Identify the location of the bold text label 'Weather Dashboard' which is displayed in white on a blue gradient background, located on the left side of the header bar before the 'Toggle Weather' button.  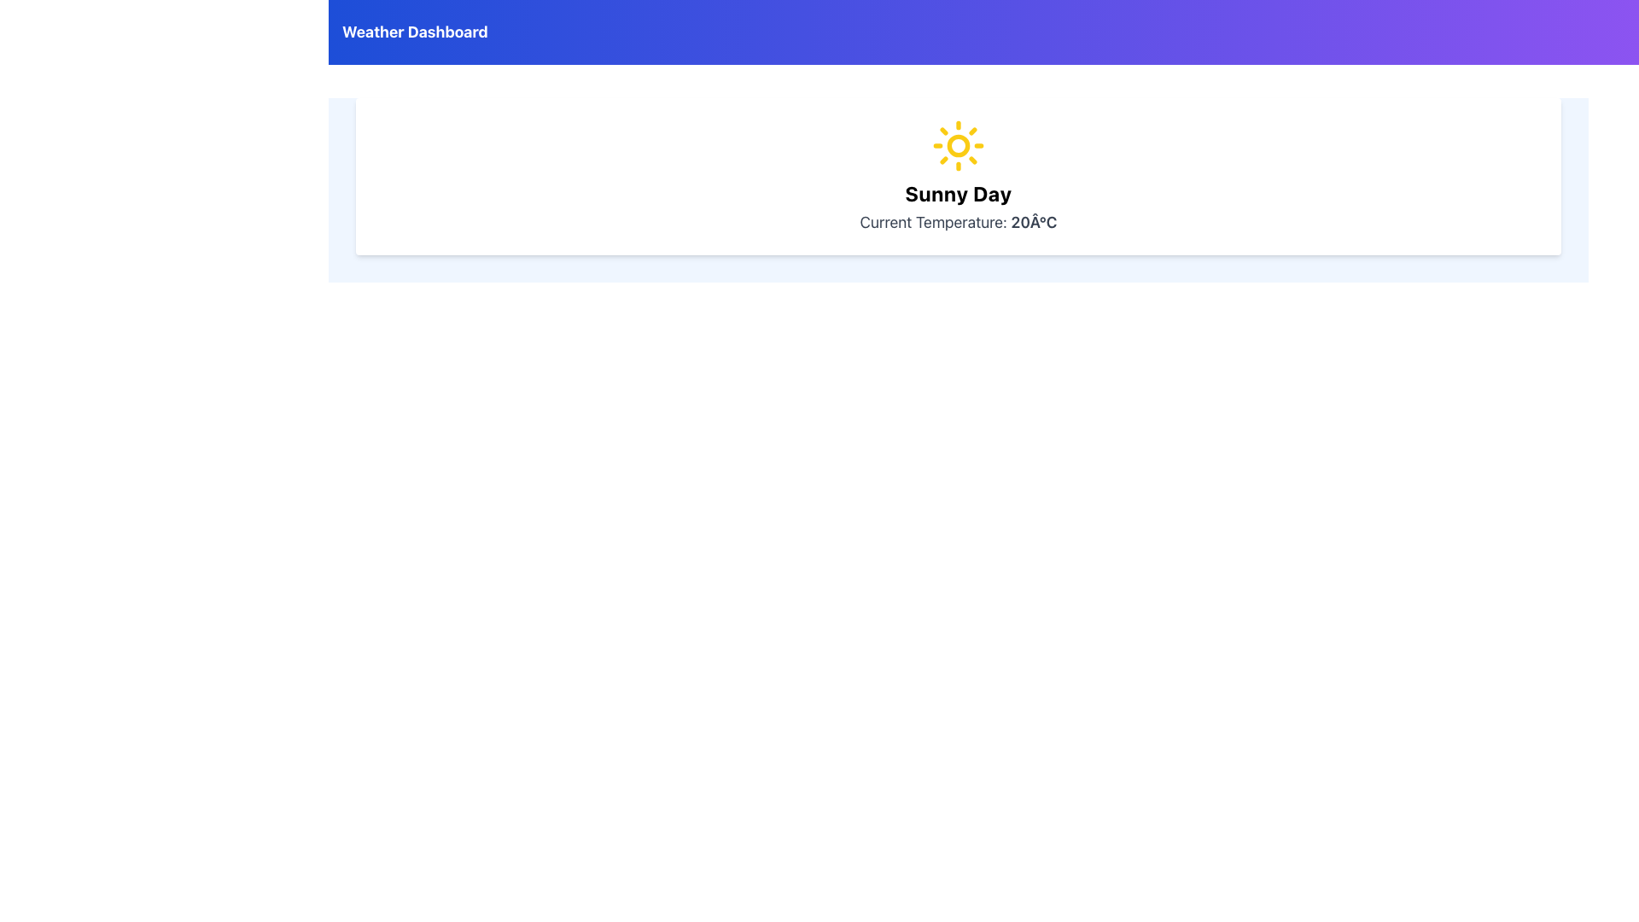
(415, 32).